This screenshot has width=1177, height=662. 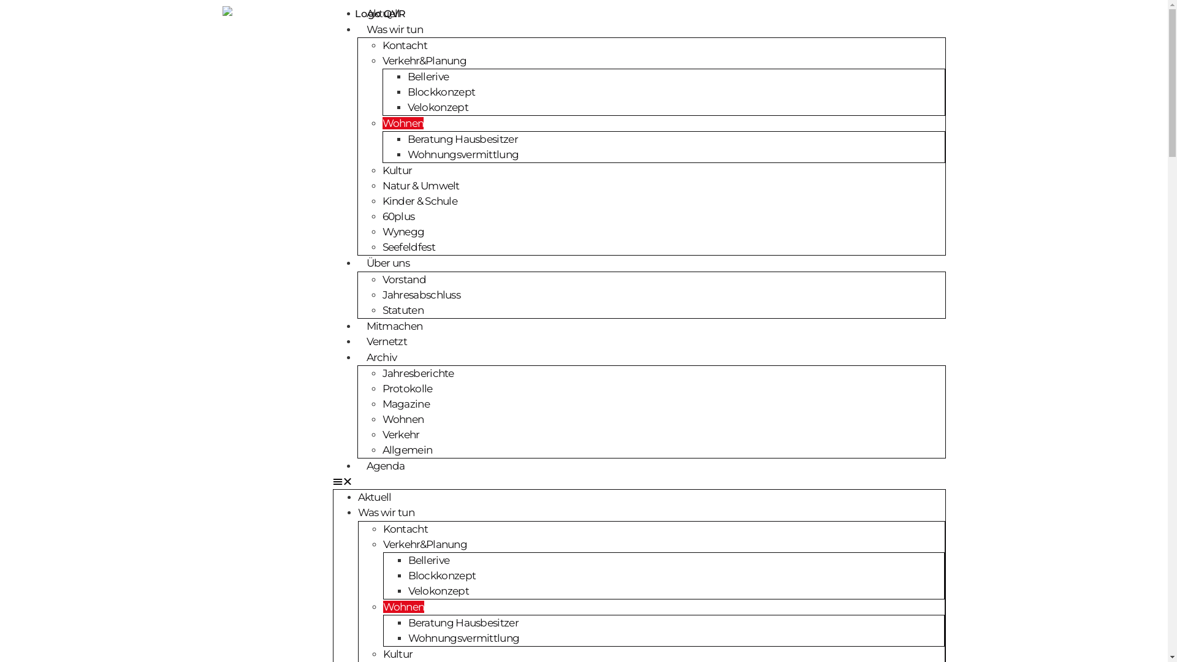 What do you see at coordinates (461, 139) in the screenshot?
I see `'Beratung Hausbesitzer'` at bounding box center [461, 139].